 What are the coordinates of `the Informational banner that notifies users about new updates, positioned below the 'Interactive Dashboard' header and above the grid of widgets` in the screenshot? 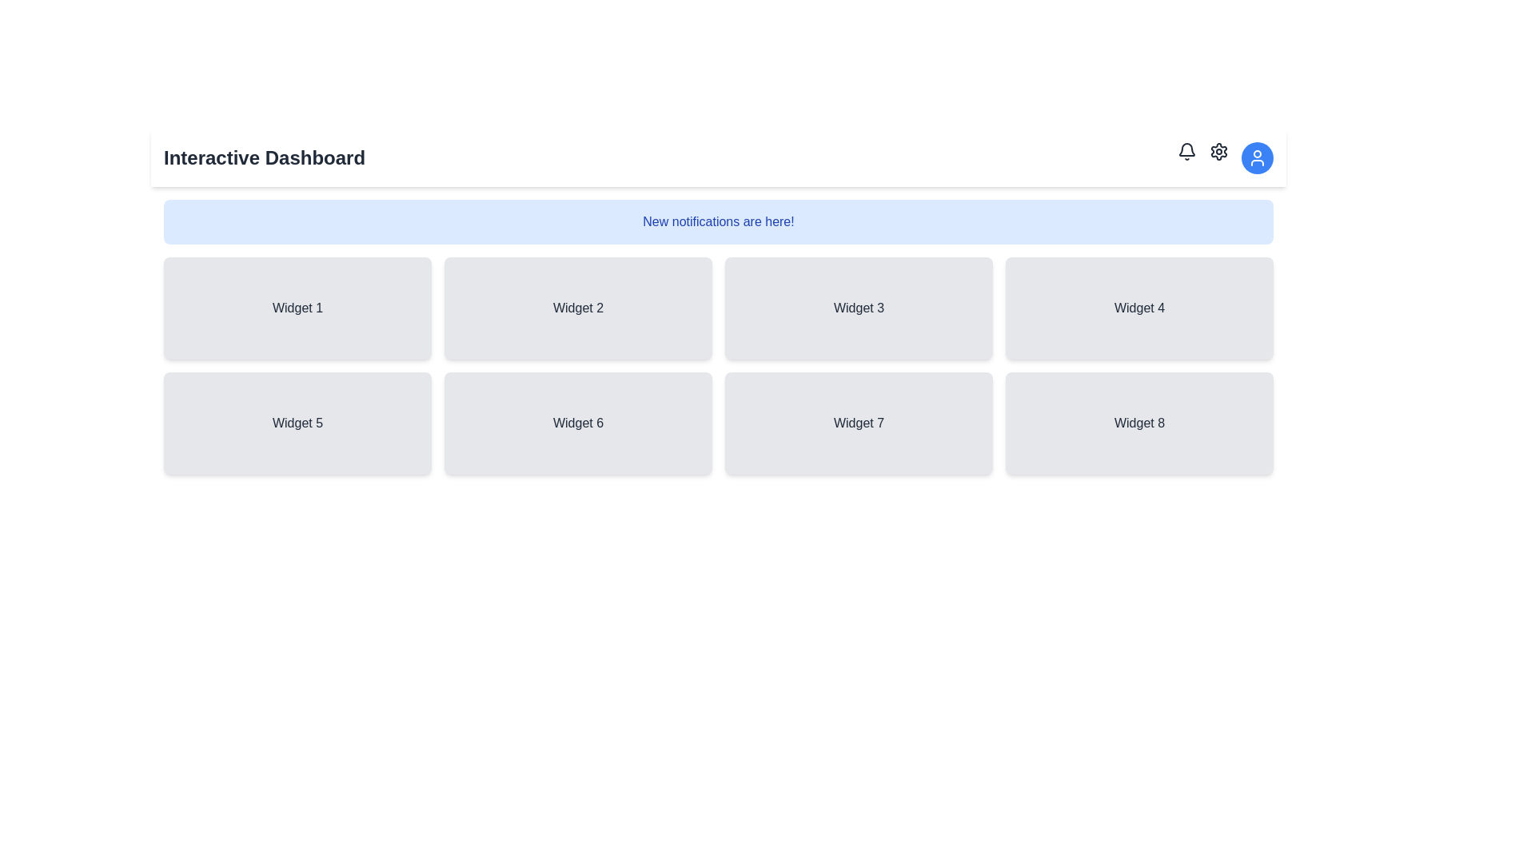 It's located at (717, 221).